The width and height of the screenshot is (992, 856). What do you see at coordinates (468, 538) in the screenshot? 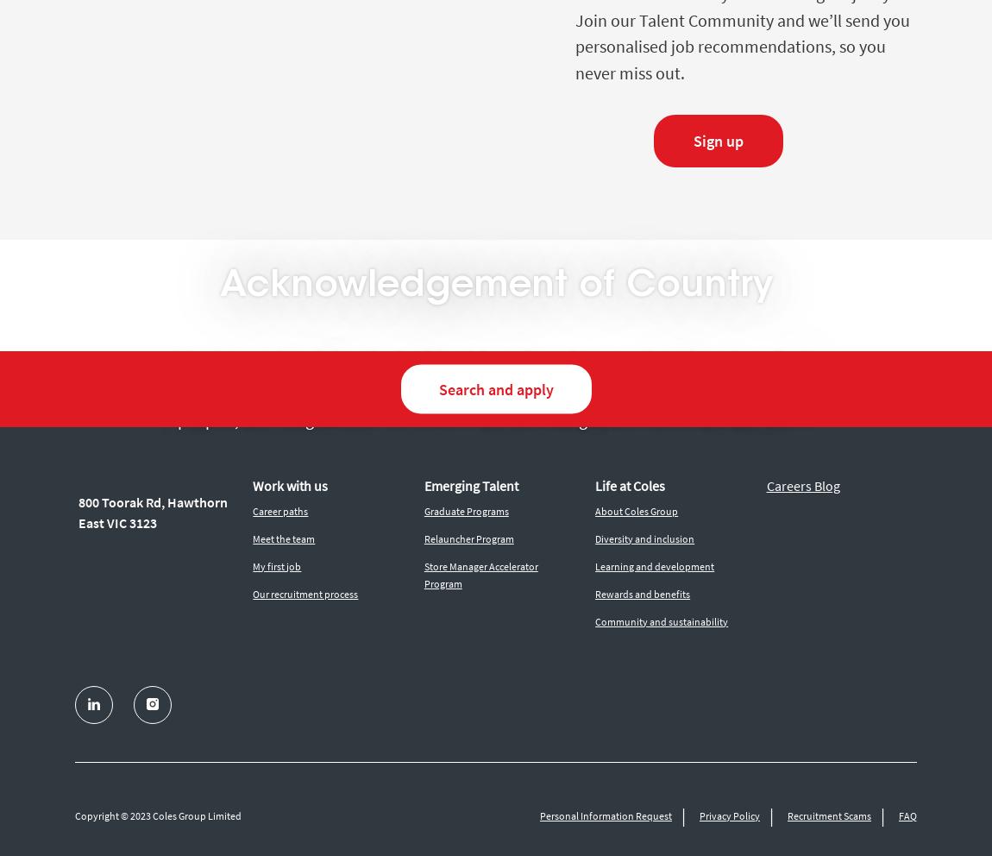
I see `'Relauncher Program'` at bounding box center [468, 538].